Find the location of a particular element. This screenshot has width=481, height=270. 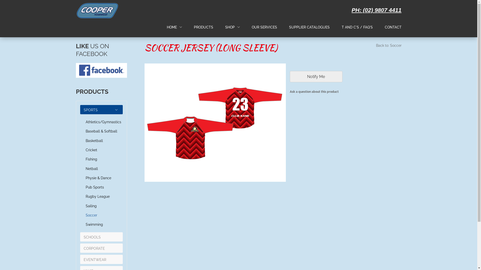

'Fishing' is located at coordinates (101, 159).